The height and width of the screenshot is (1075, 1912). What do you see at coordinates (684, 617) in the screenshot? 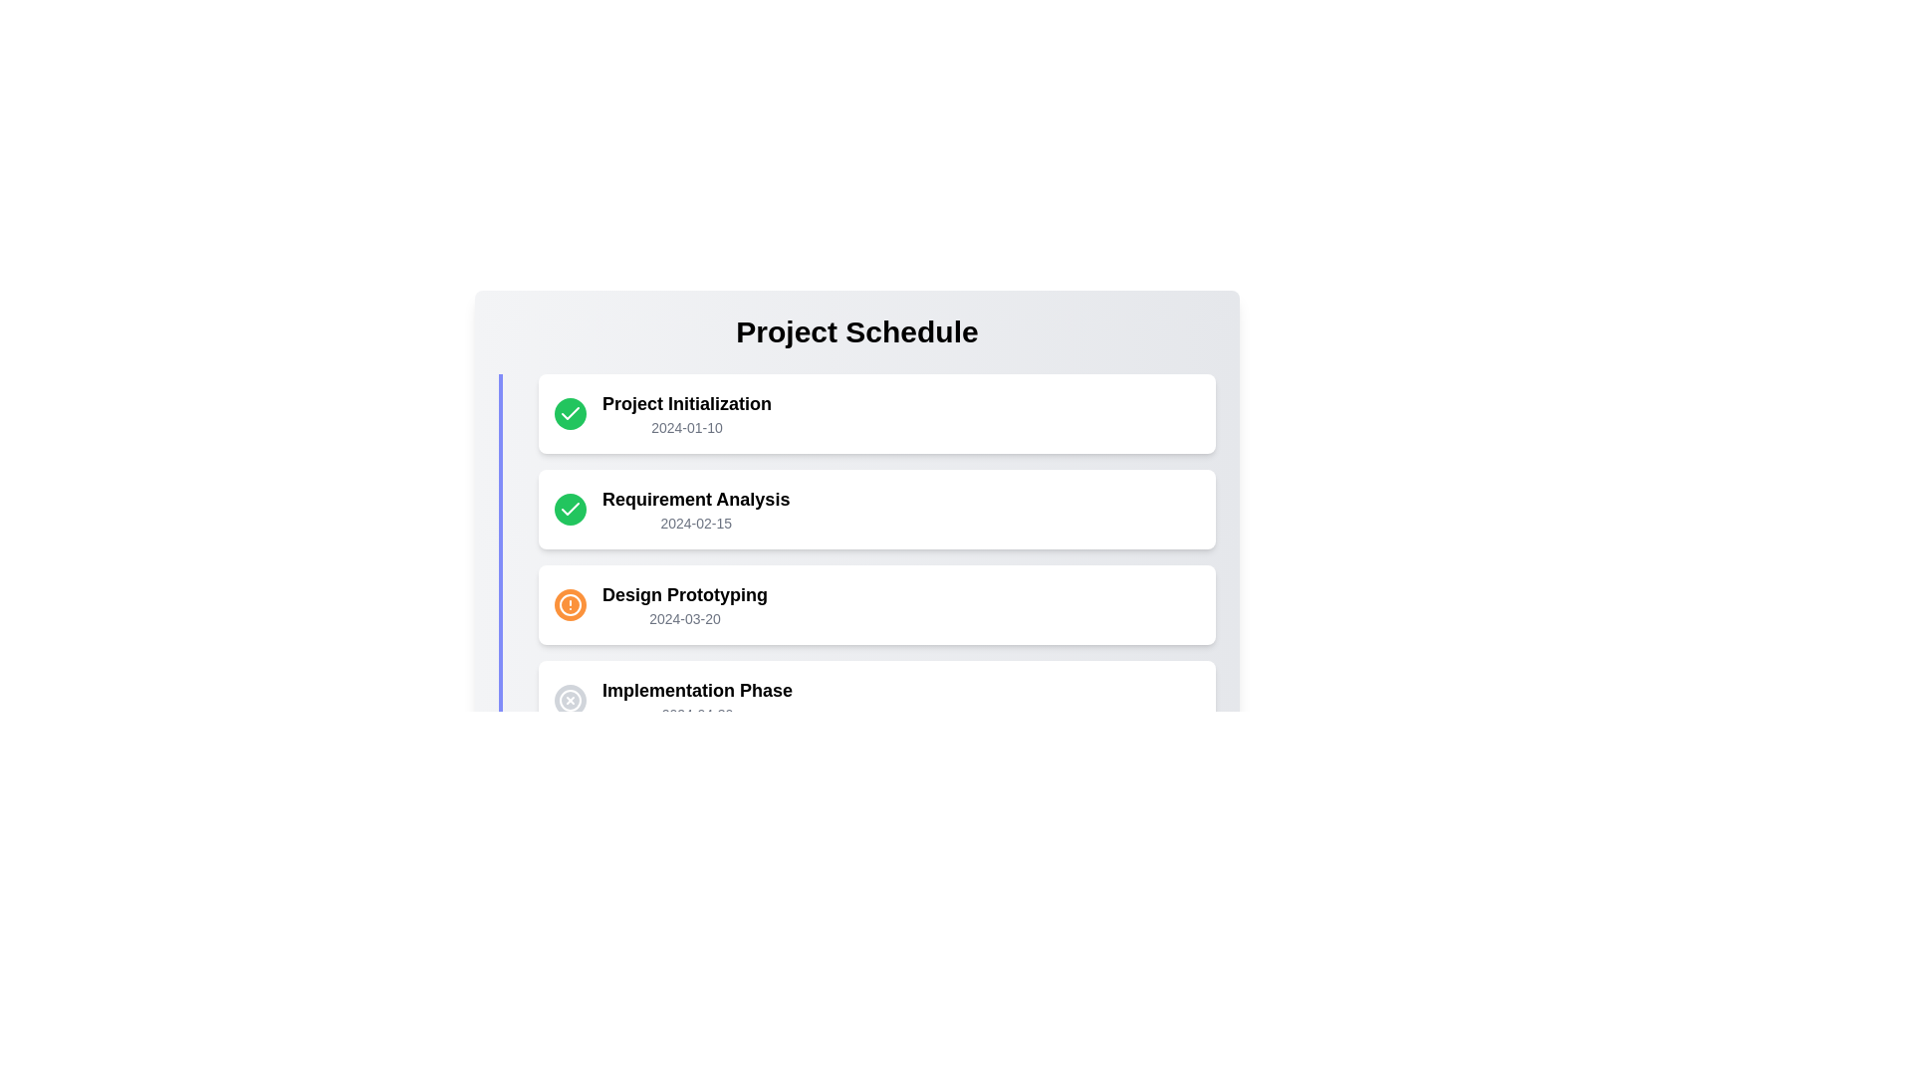
I see `date information displayed in a small, gray sans-serif font text label located below the title 'Design Prototyping' in the third item of the project schedule layout` at bounding box center [684, 617].